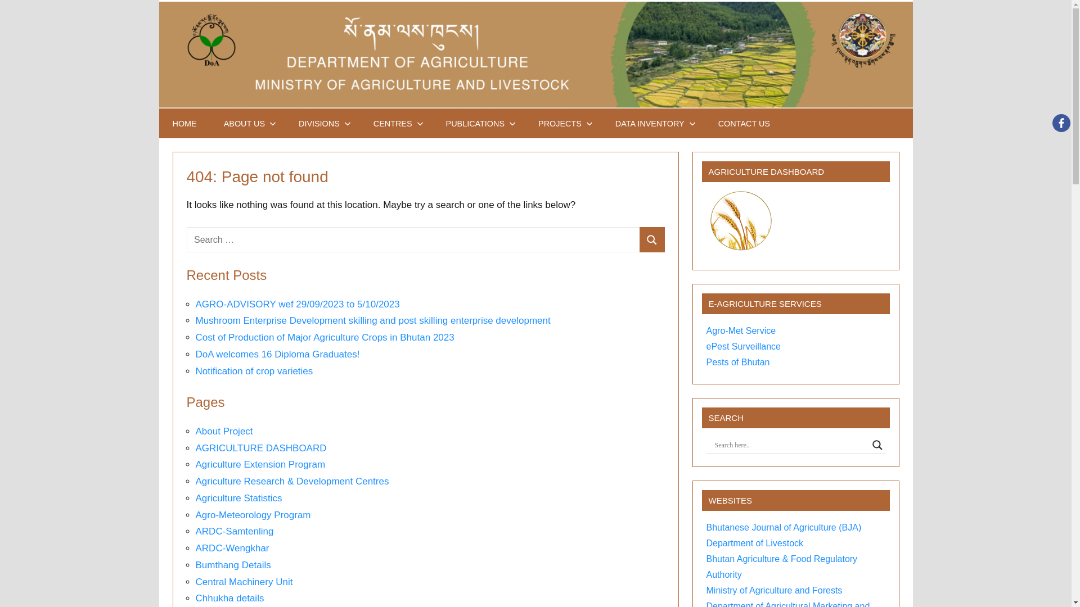 The width and height of the screenshot is (1080, 607). Describe the element at coordinates (298, 304) in the screenshot. I see `'AGRO-ADVISORY wef 29/09/2023 to 5/10/2023'` at that location.